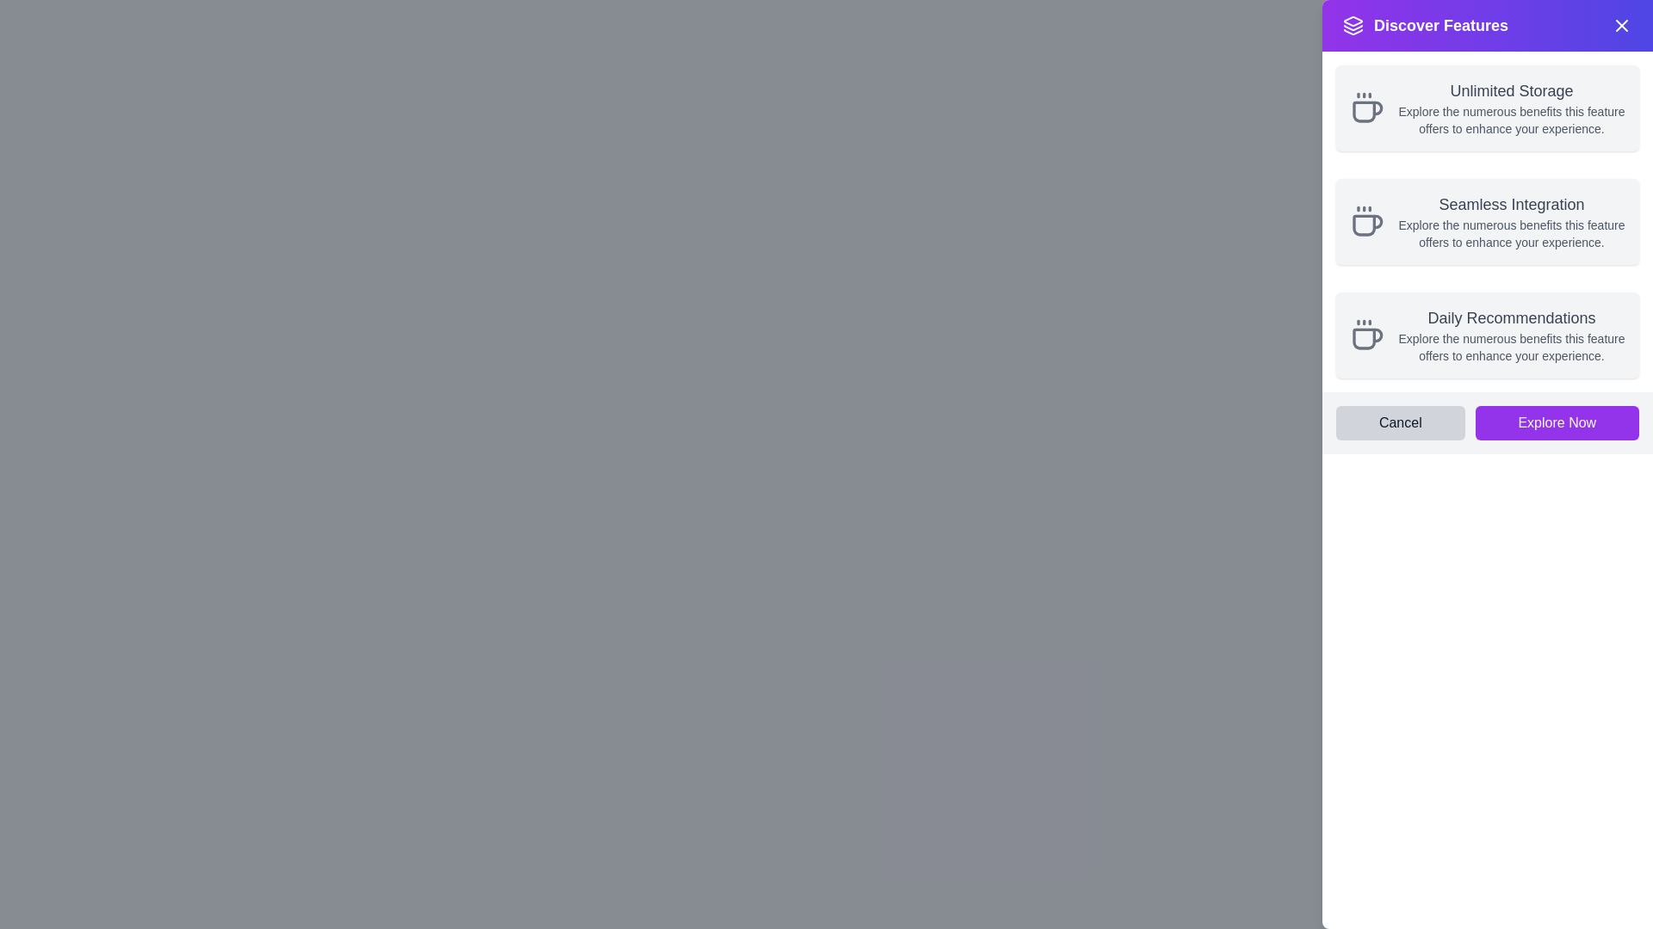 Image resolution: width=1653 pixels, height=929 pixels. What do you see at coordinates (1487, 221) in the screenshot?
I see `description on the second informational card titled 'Seamless Integration', located in the 'Discover Features' section on the right sidebar` at bounding box center [1487, 221].